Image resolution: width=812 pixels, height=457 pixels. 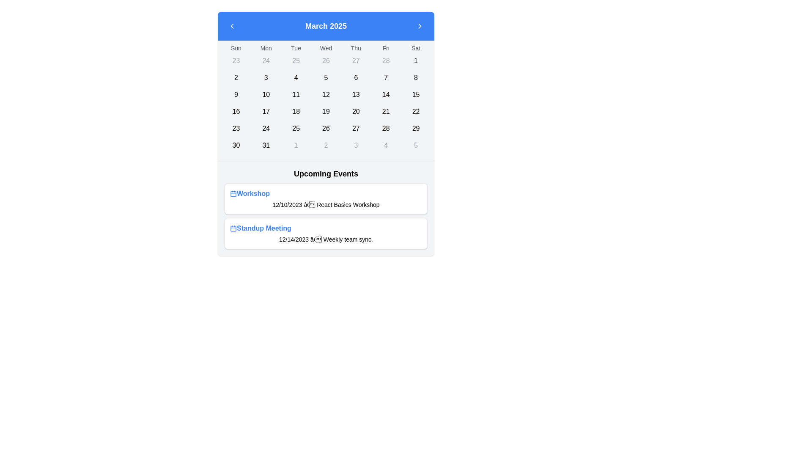 What do you see at coordinates (385, 145) in the screenshot?
I see `the Calendar Day Cell containing the number '4'` at bounding box center [385, 145].